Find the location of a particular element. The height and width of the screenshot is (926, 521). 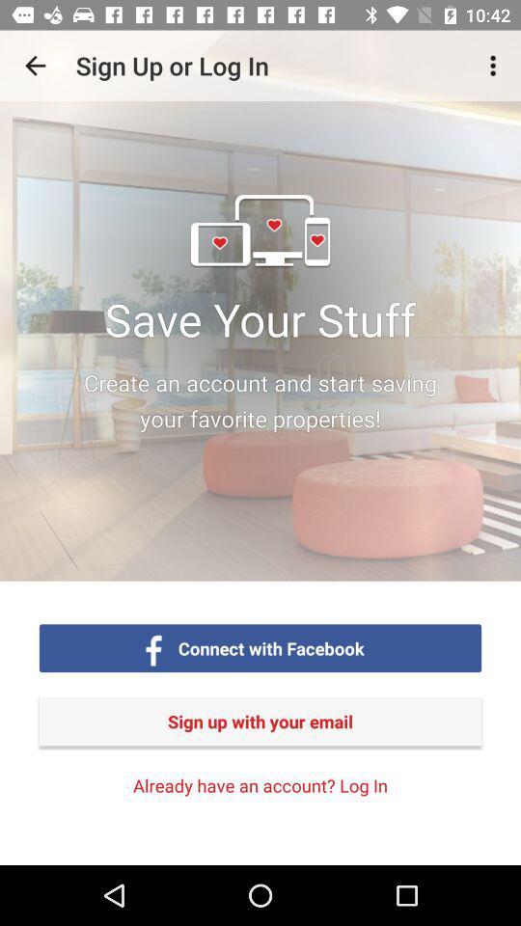

the item at the top right corner is located at coordinates (495, 66).